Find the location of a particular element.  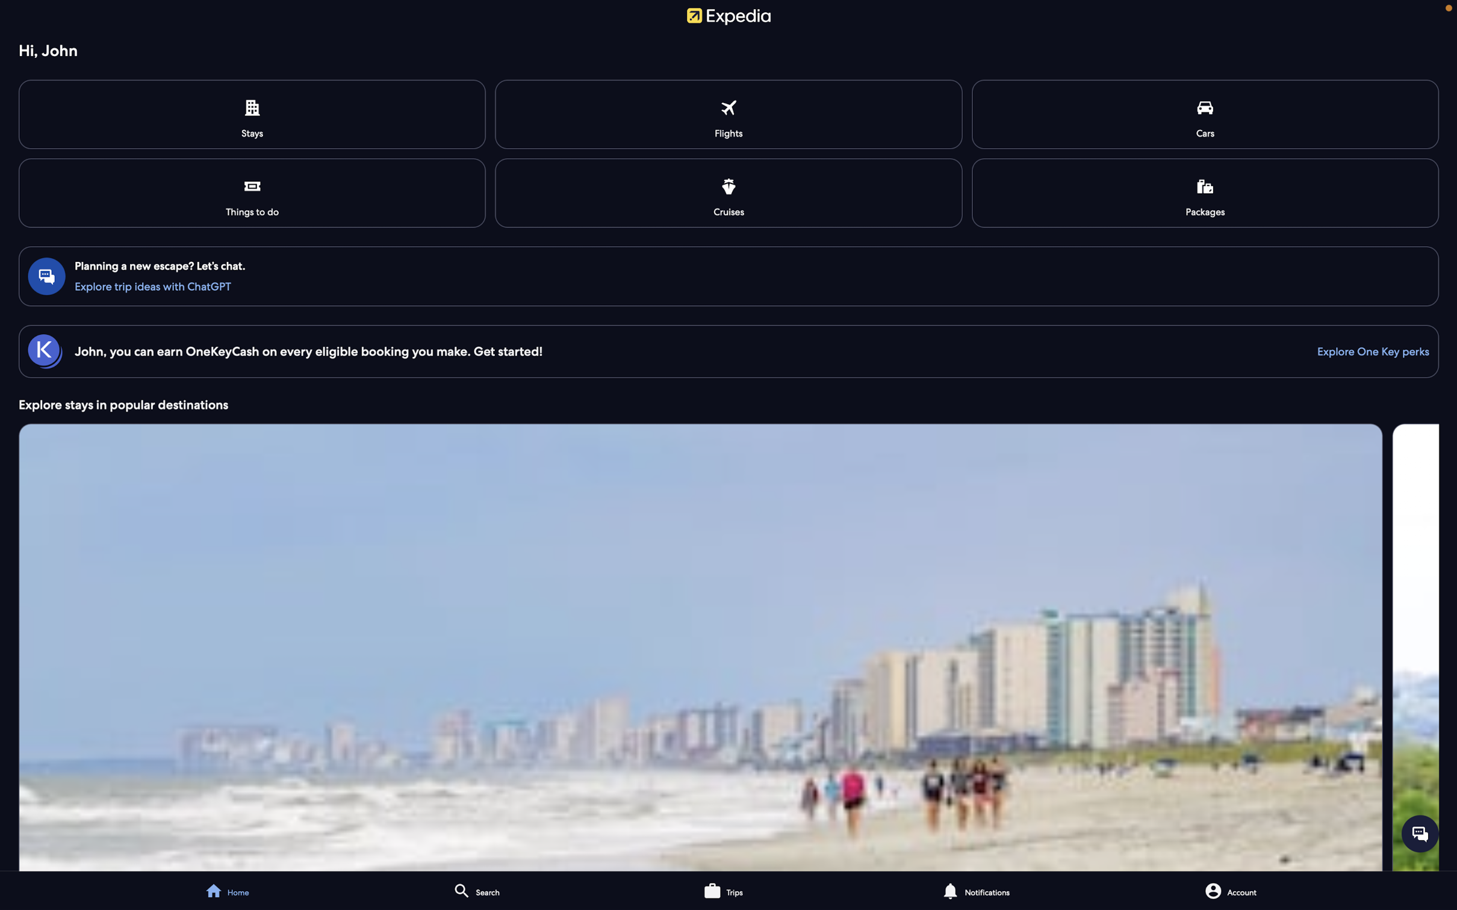

the main page is located at coordinates (236, 888).